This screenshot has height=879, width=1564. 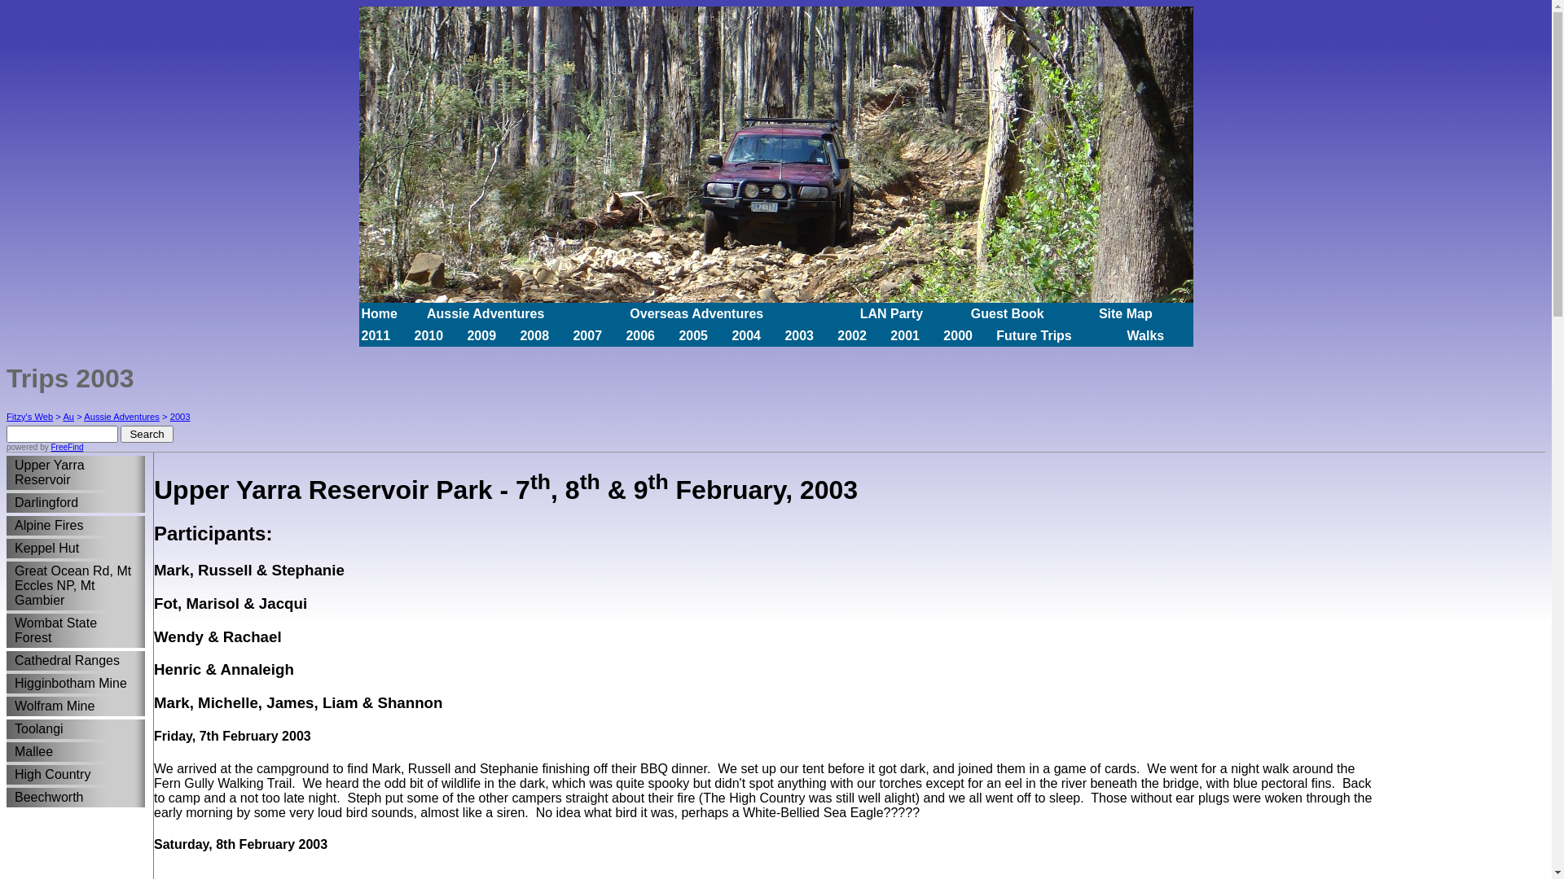 I want to click on 'Toolangi', so click(x=70, y=728).